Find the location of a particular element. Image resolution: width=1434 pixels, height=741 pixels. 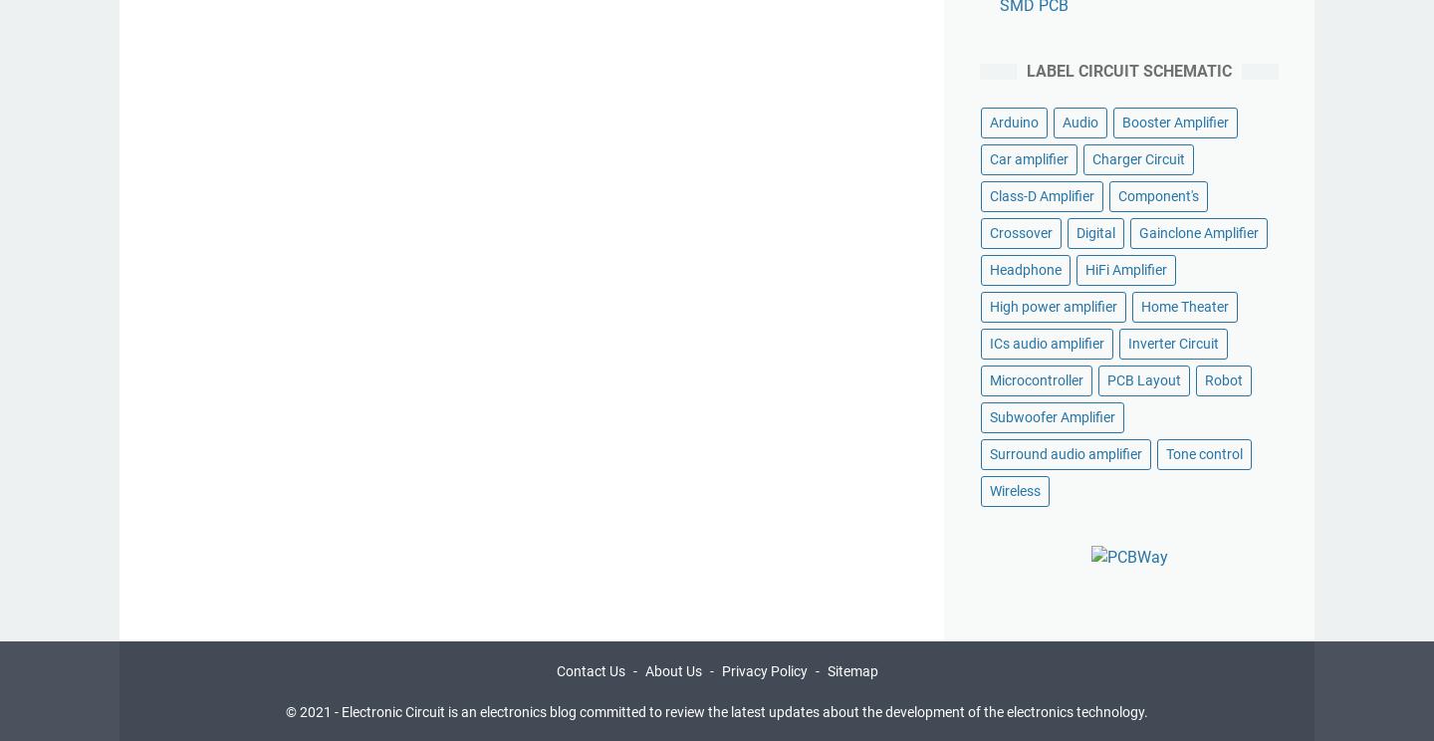

'About Us' is located at coordinates (672, 669).